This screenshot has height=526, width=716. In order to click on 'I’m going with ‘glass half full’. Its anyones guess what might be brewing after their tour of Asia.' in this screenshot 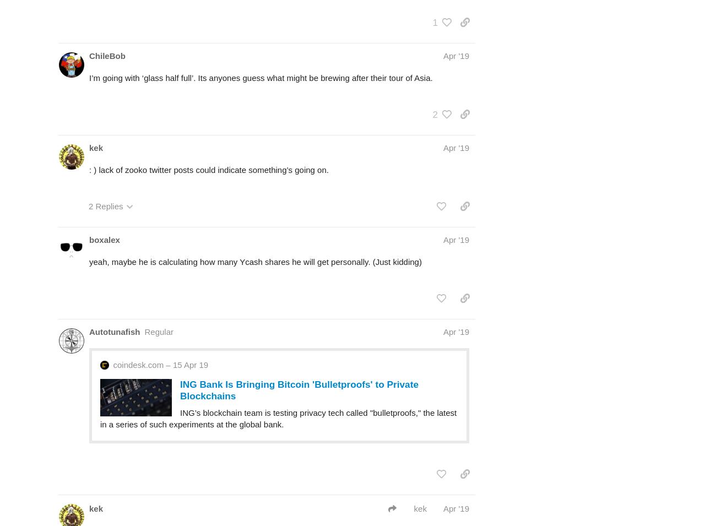, I will do `click(260, 77)`.